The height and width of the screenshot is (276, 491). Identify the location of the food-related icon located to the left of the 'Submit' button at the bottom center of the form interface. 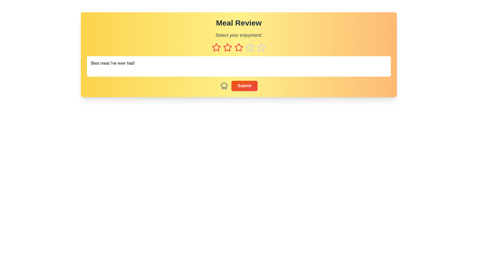
(224, 85).